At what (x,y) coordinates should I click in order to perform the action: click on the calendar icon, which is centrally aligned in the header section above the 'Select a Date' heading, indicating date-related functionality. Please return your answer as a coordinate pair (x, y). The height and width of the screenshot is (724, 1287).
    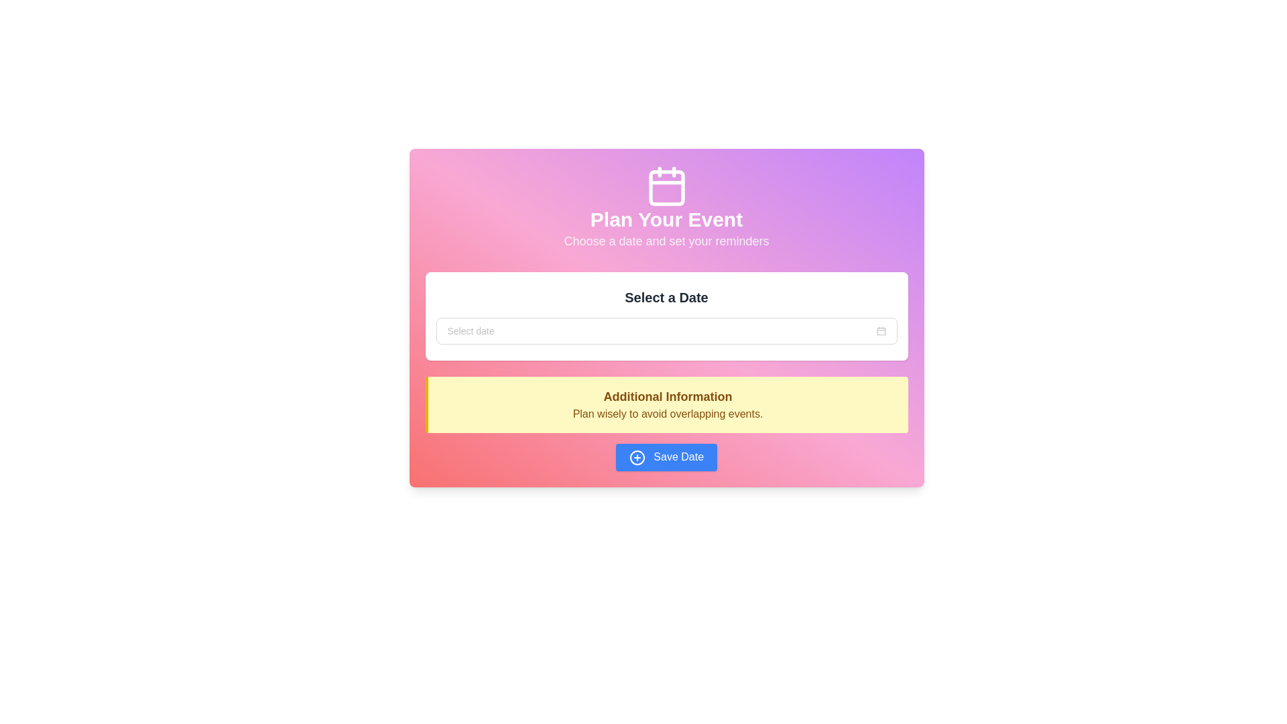
    Looking at the image, I should click on (881, 330).